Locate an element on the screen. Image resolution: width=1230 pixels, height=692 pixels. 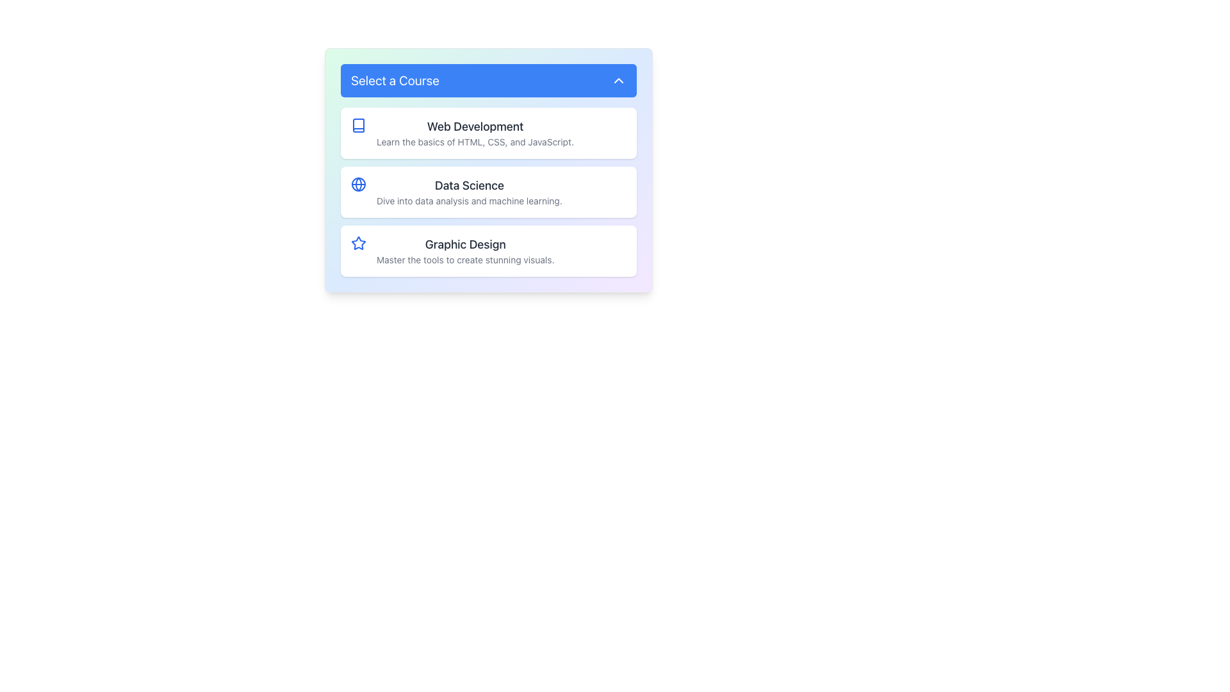
the 'Data Science' text section, which includes the title and subtitle, located in the second item of the course options list is located at coordinates (468, 192).